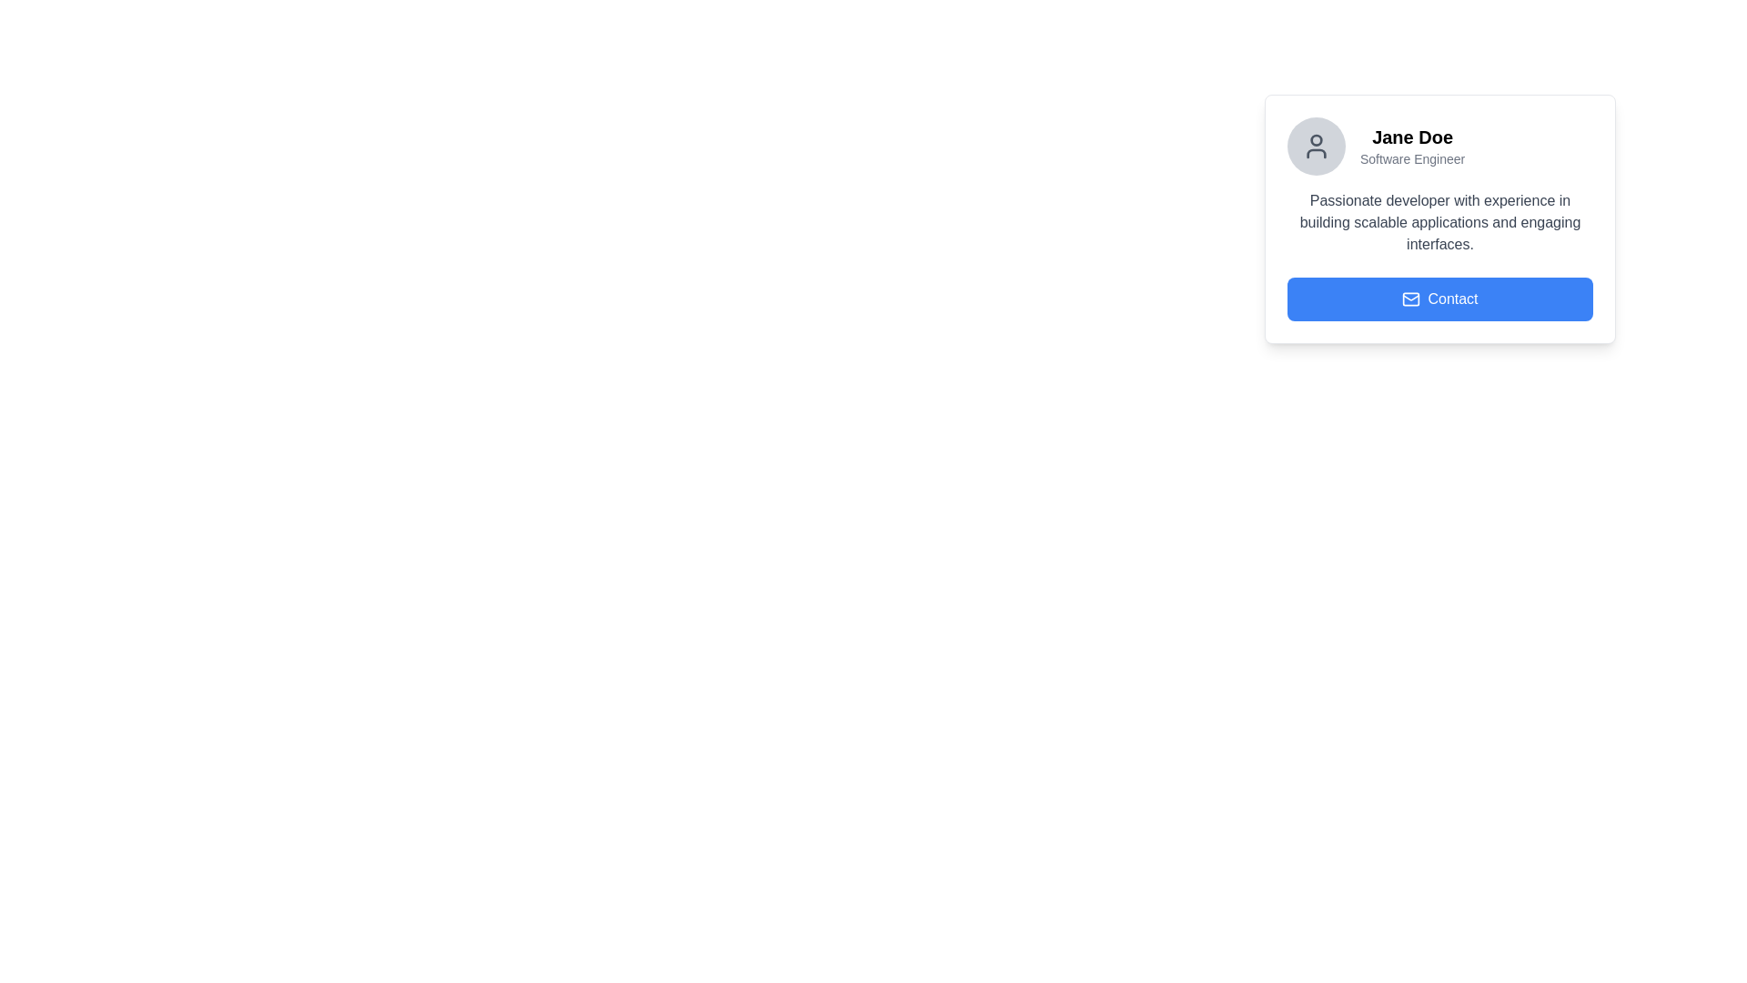 The height and width of the screenshot is (983, 1747). What do you see at coordinates (1411, 136) in the screenshot?
I see `the text label displaying 'Jane Doe', which is prominently styled in bold and located at the top of a profile card layout, adjacent to the avatar` at bounding box center [1411, 136].